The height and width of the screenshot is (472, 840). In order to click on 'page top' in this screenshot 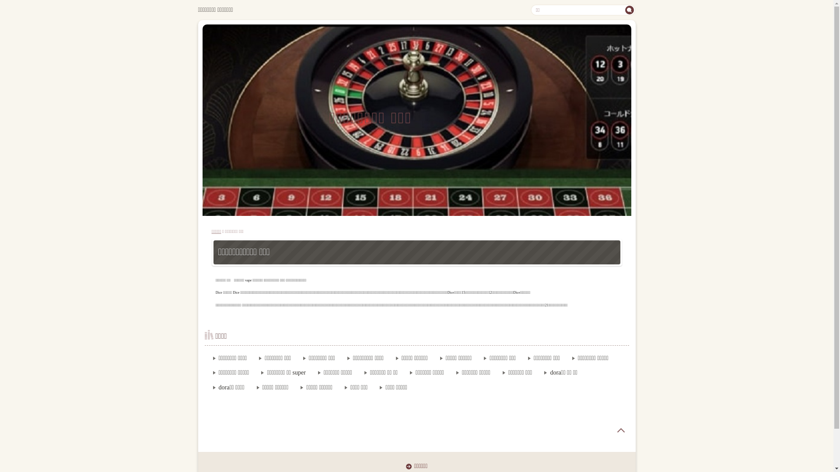, I will do `click(608, 430)`.